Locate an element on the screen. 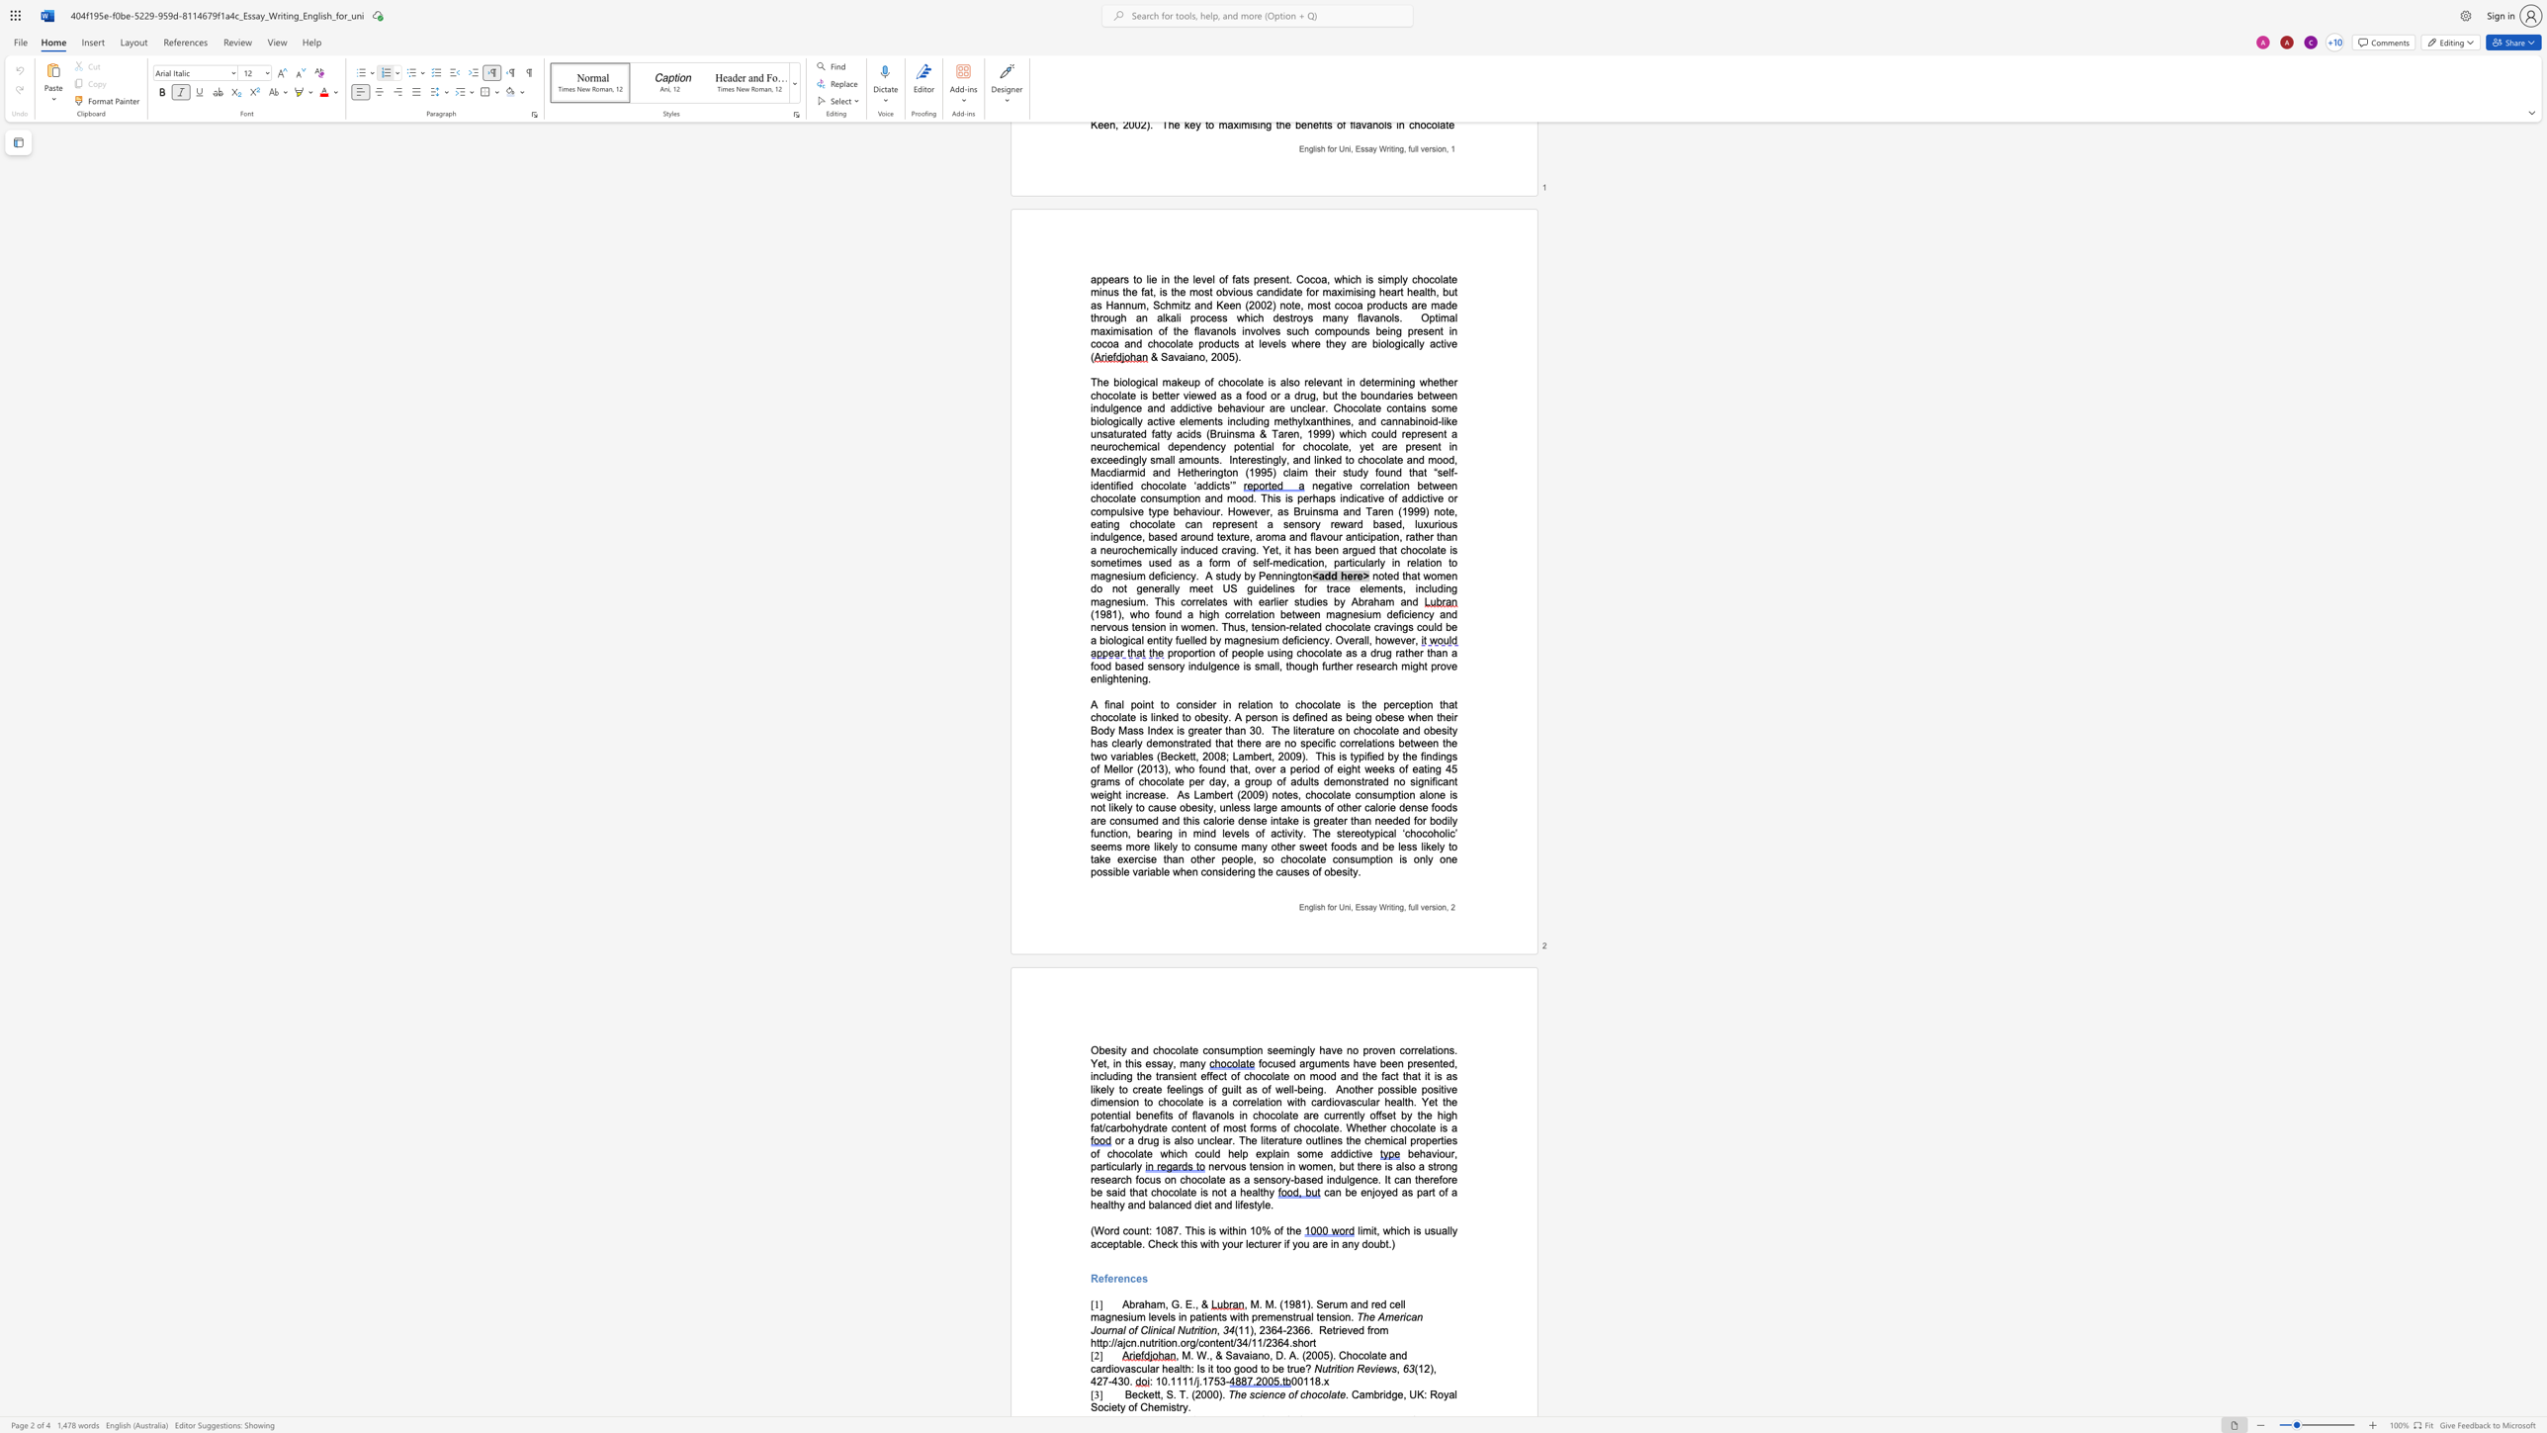  the space between the continuous character "t" and "t" in the text is located at coordinates (1156, 1393).